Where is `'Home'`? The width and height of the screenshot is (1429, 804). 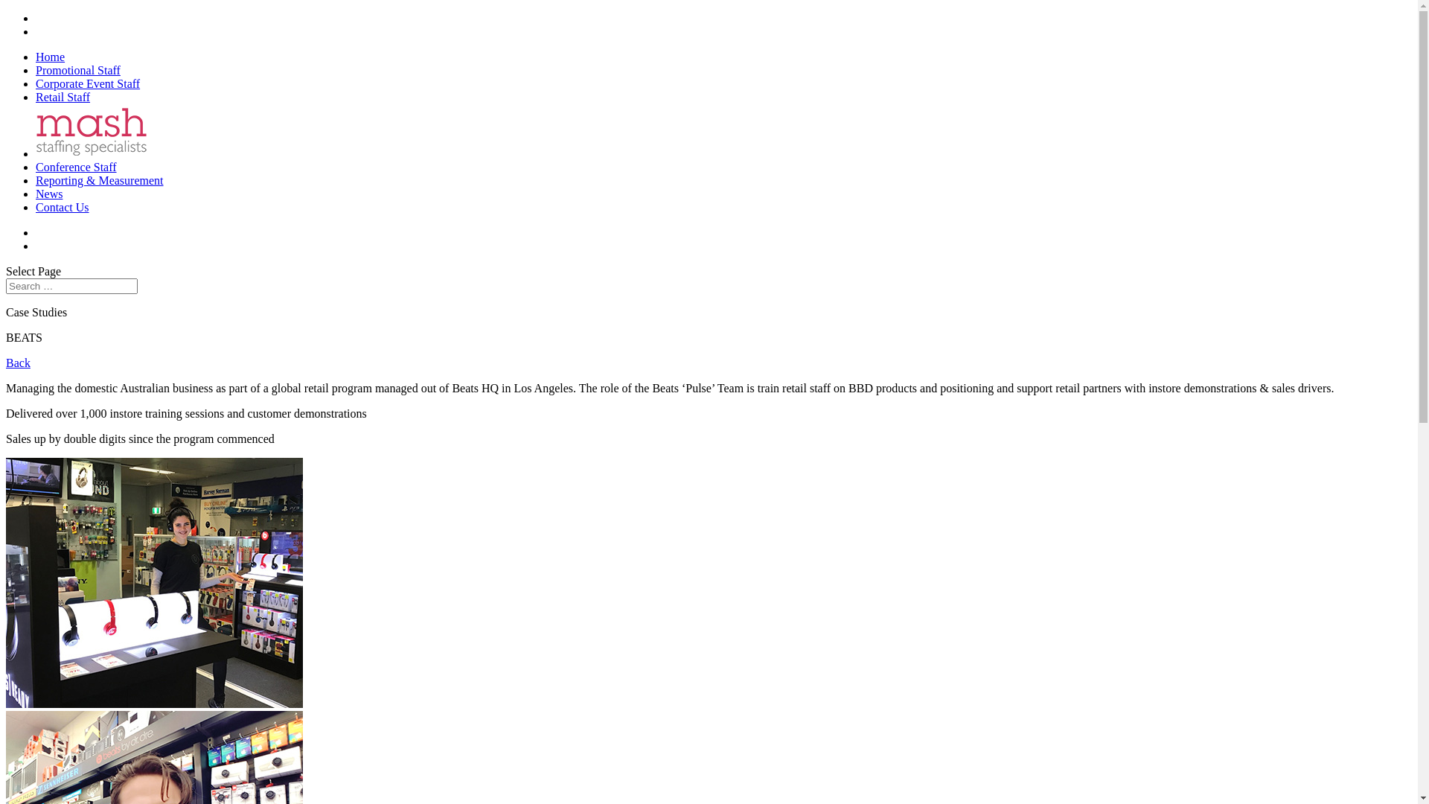 'Home' is located at coordinates (50, 56).